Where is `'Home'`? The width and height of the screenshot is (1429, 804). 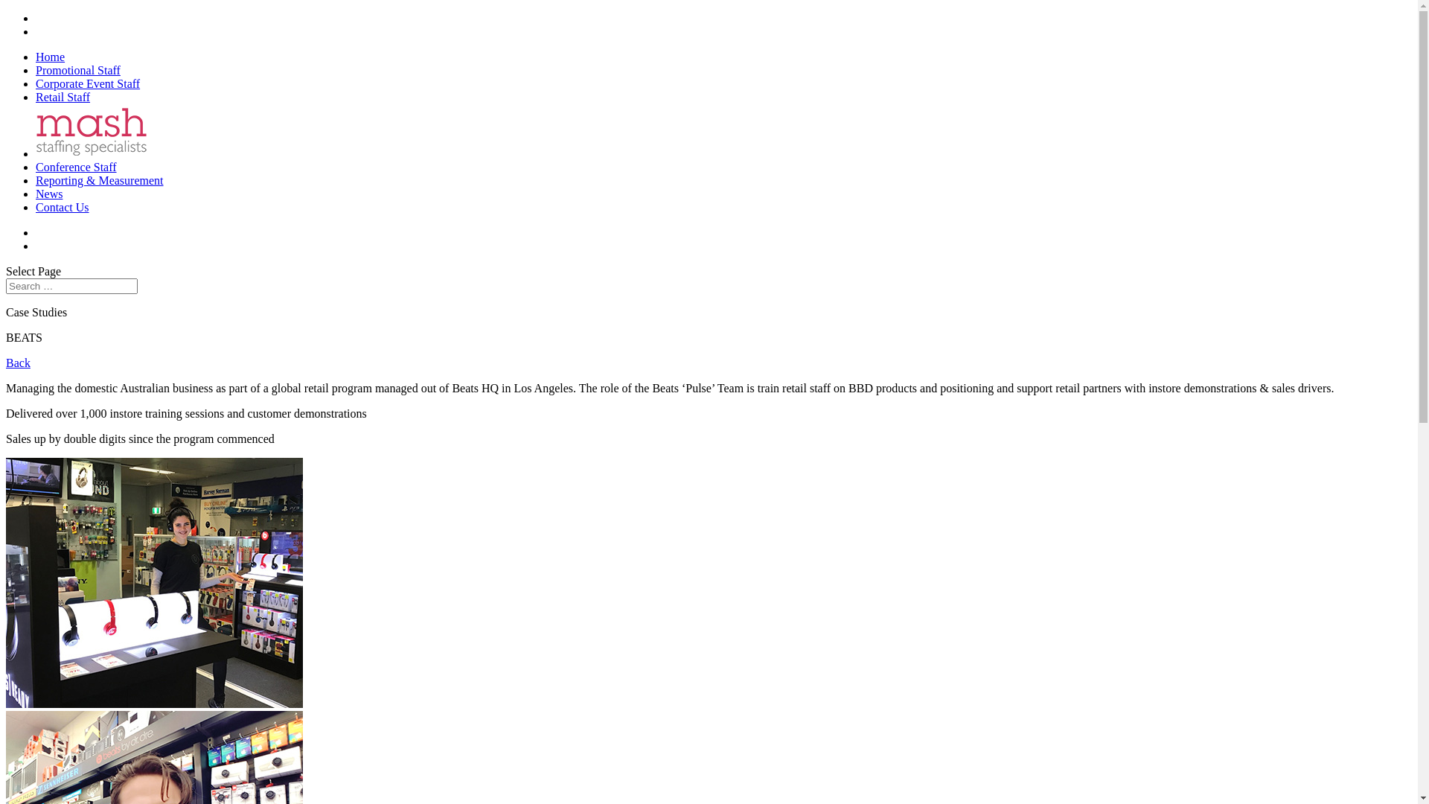 'Home' is located at coordinates (50, 56).